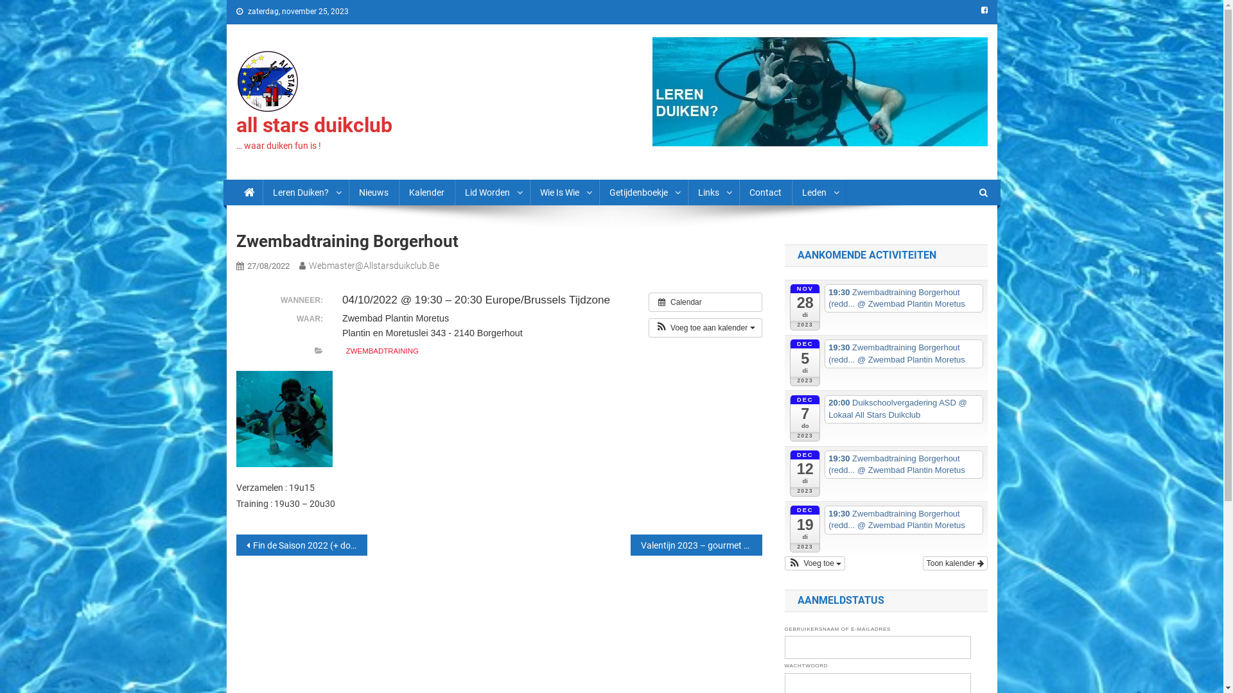 The image size is (1233, 693). Describe the element at coordinates (804, 529) in the screenshot. I see `'DEC` at that location.